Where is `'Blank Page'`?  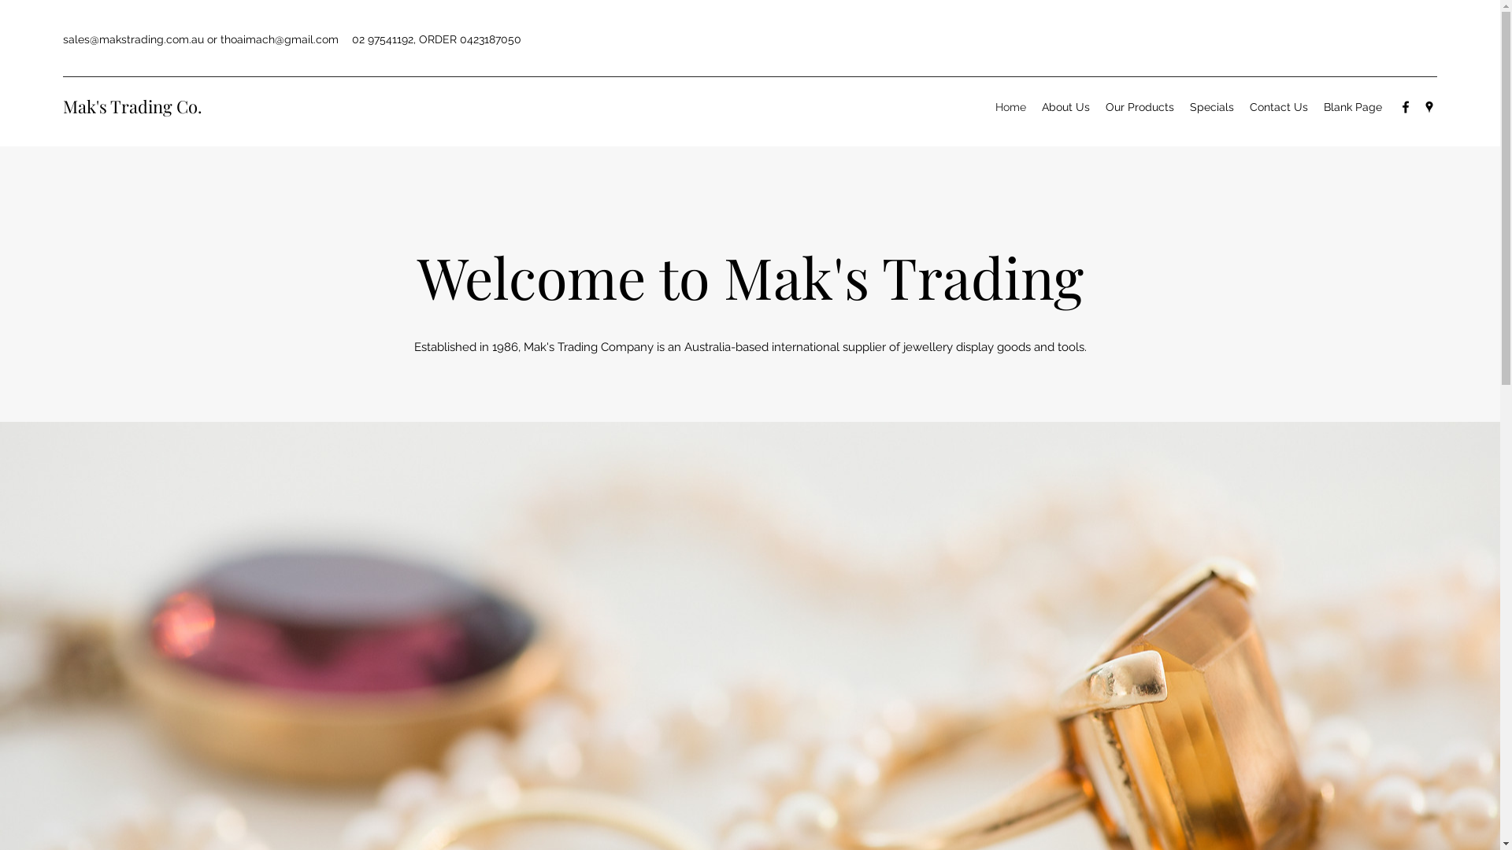 'Blank Page' is located at coordinates (1352, 106).